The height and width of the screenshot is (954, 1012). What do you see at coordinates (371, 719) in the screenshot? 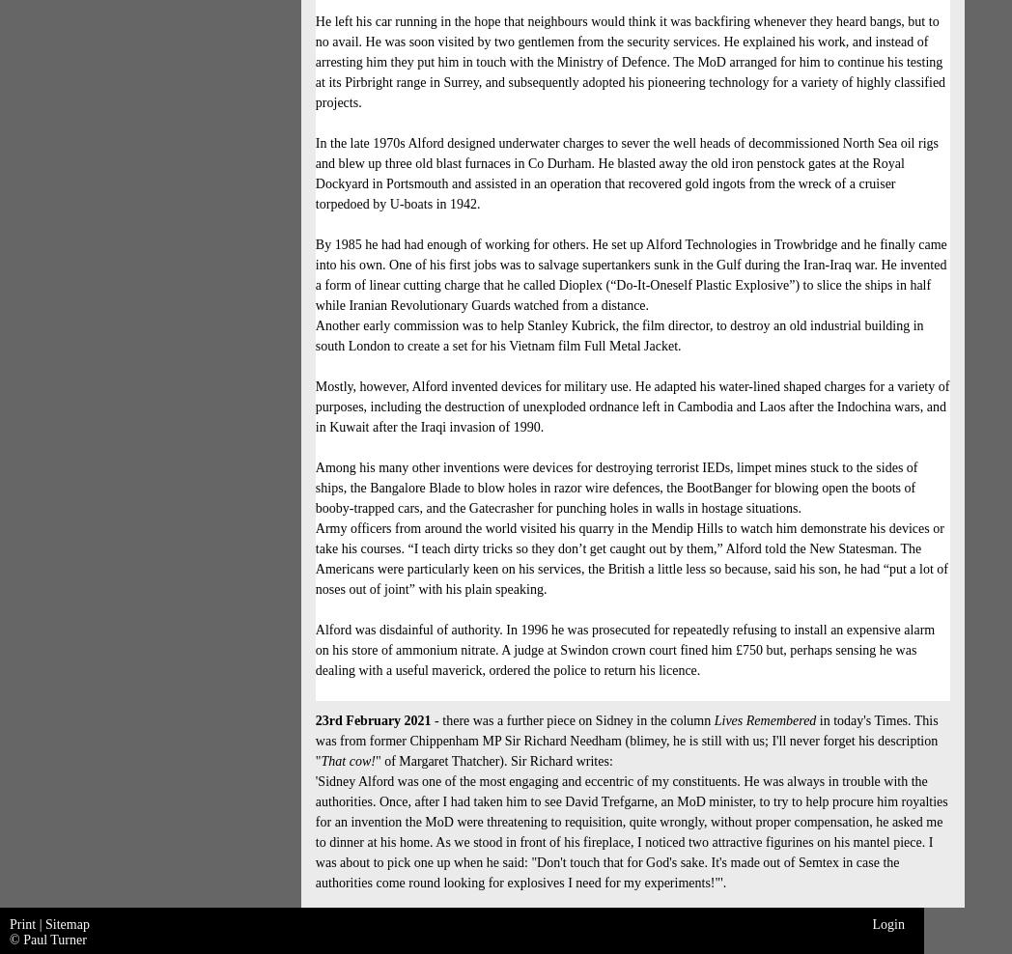
I see `'23rd February 2021'` at bounding box center [371, 719].